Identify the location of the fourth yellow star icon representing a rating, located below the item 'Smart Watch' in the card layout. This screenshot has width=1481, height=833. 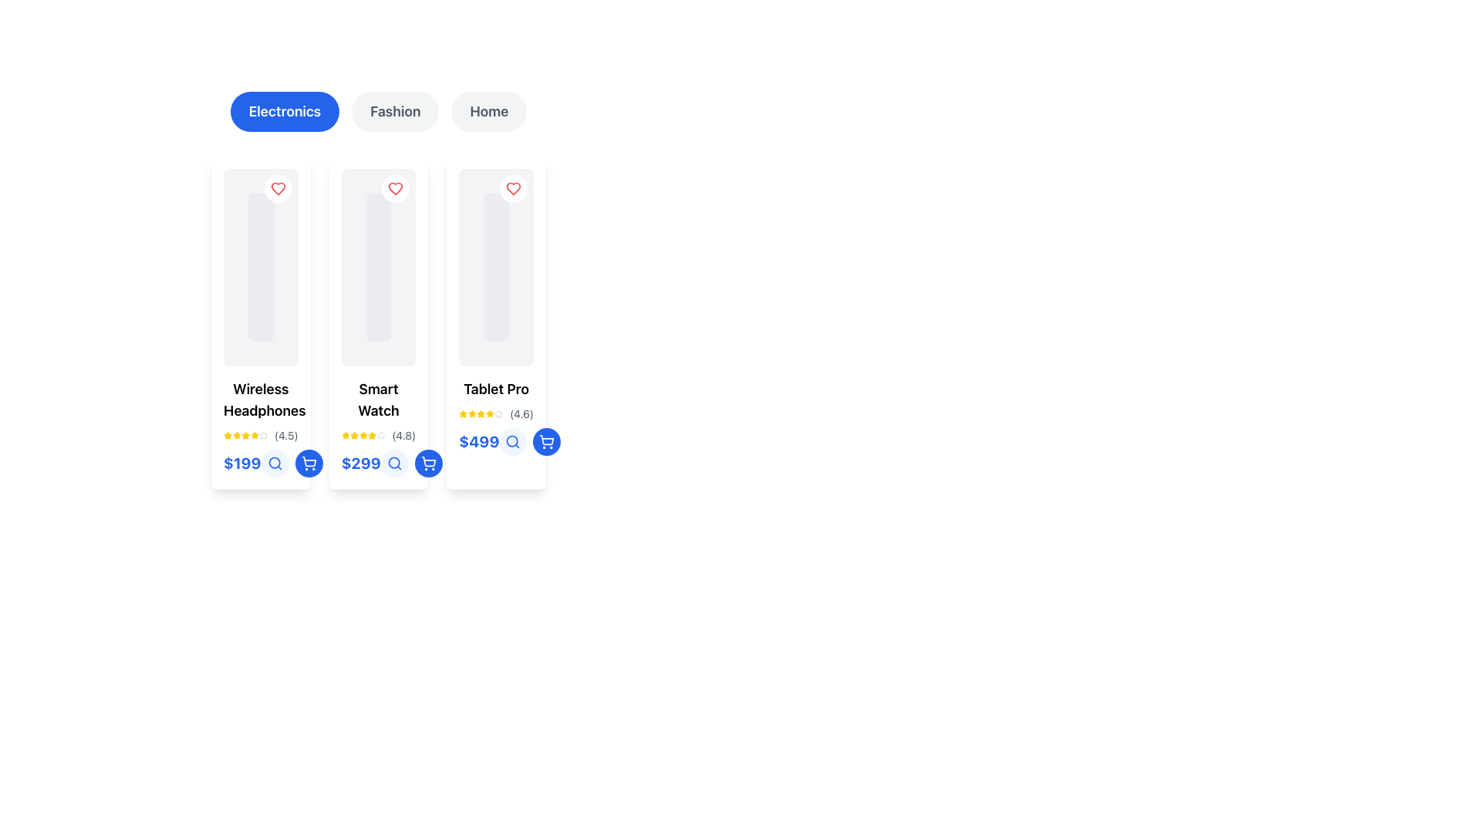
(362, 435).